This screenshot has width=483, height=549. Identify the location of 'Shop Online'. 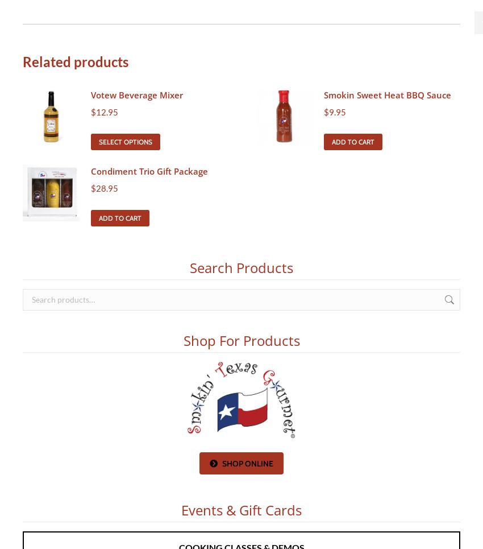
(247, 464).